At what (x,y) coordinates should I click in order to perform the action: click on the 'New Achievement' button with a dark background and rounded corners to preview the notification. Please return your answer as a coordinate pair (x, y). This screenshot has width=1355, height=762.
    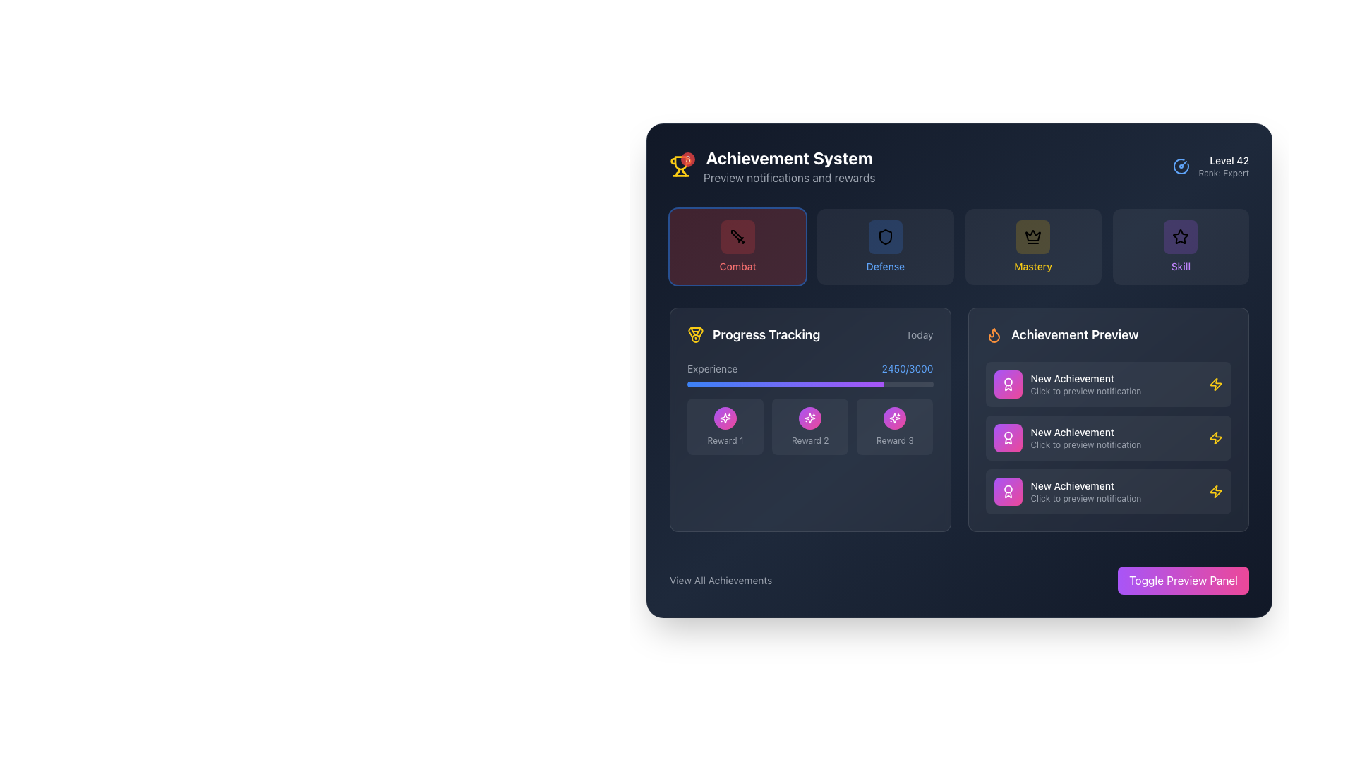
    Looking at the image, I should click on (1107, 418).